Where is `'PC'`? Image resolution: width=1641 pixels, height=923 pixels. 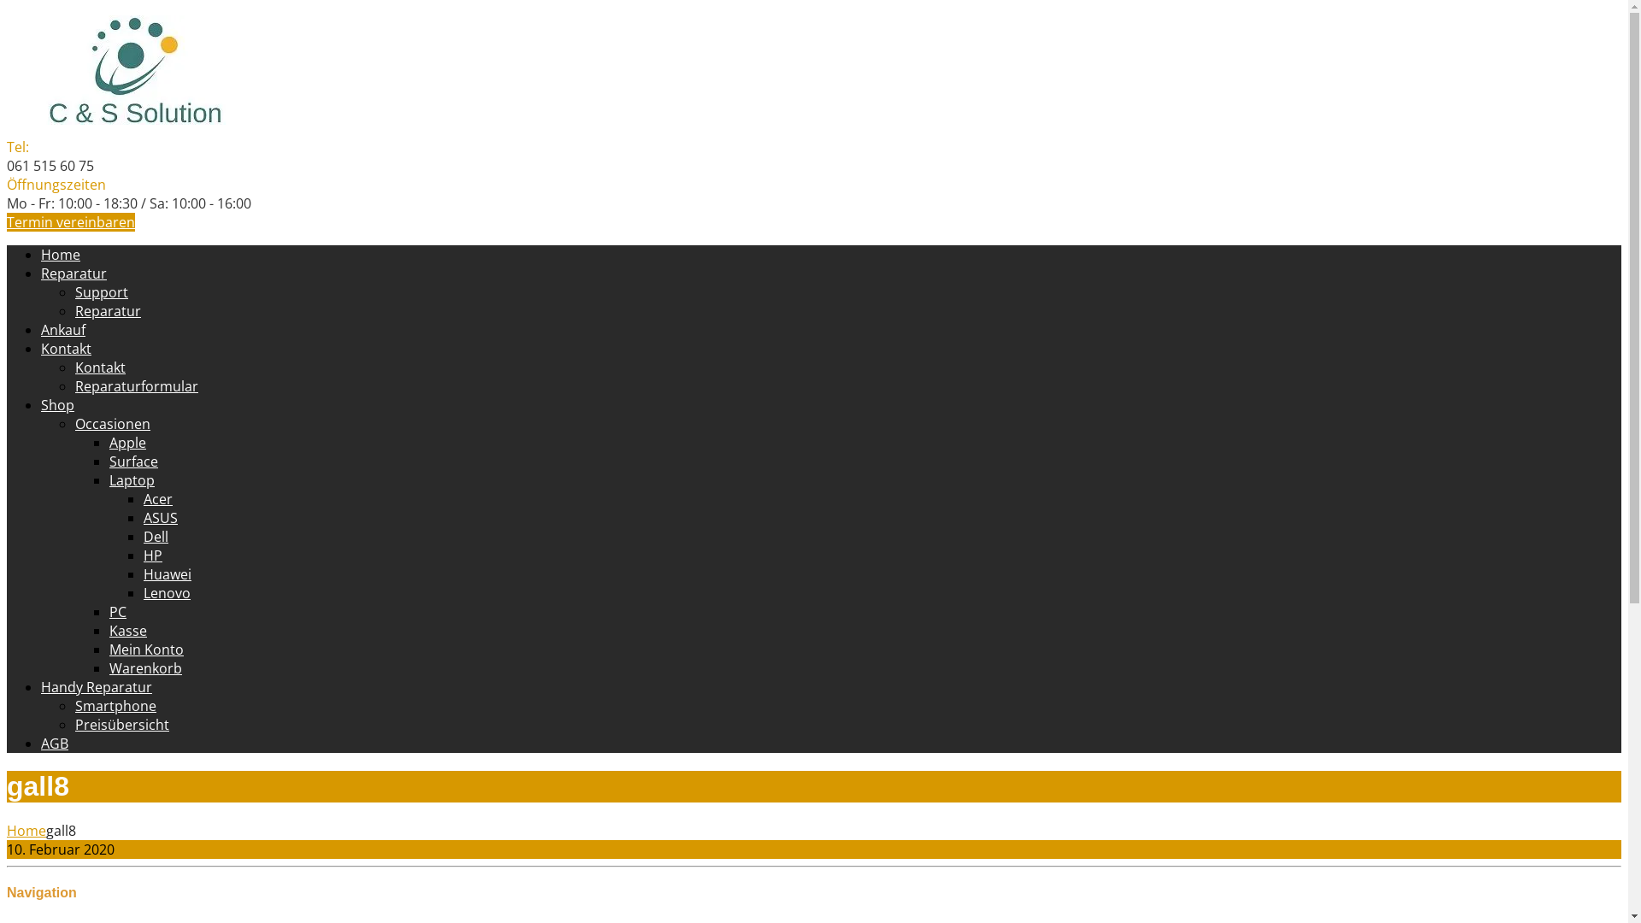
'PC' is located at coordinates (109, 611).